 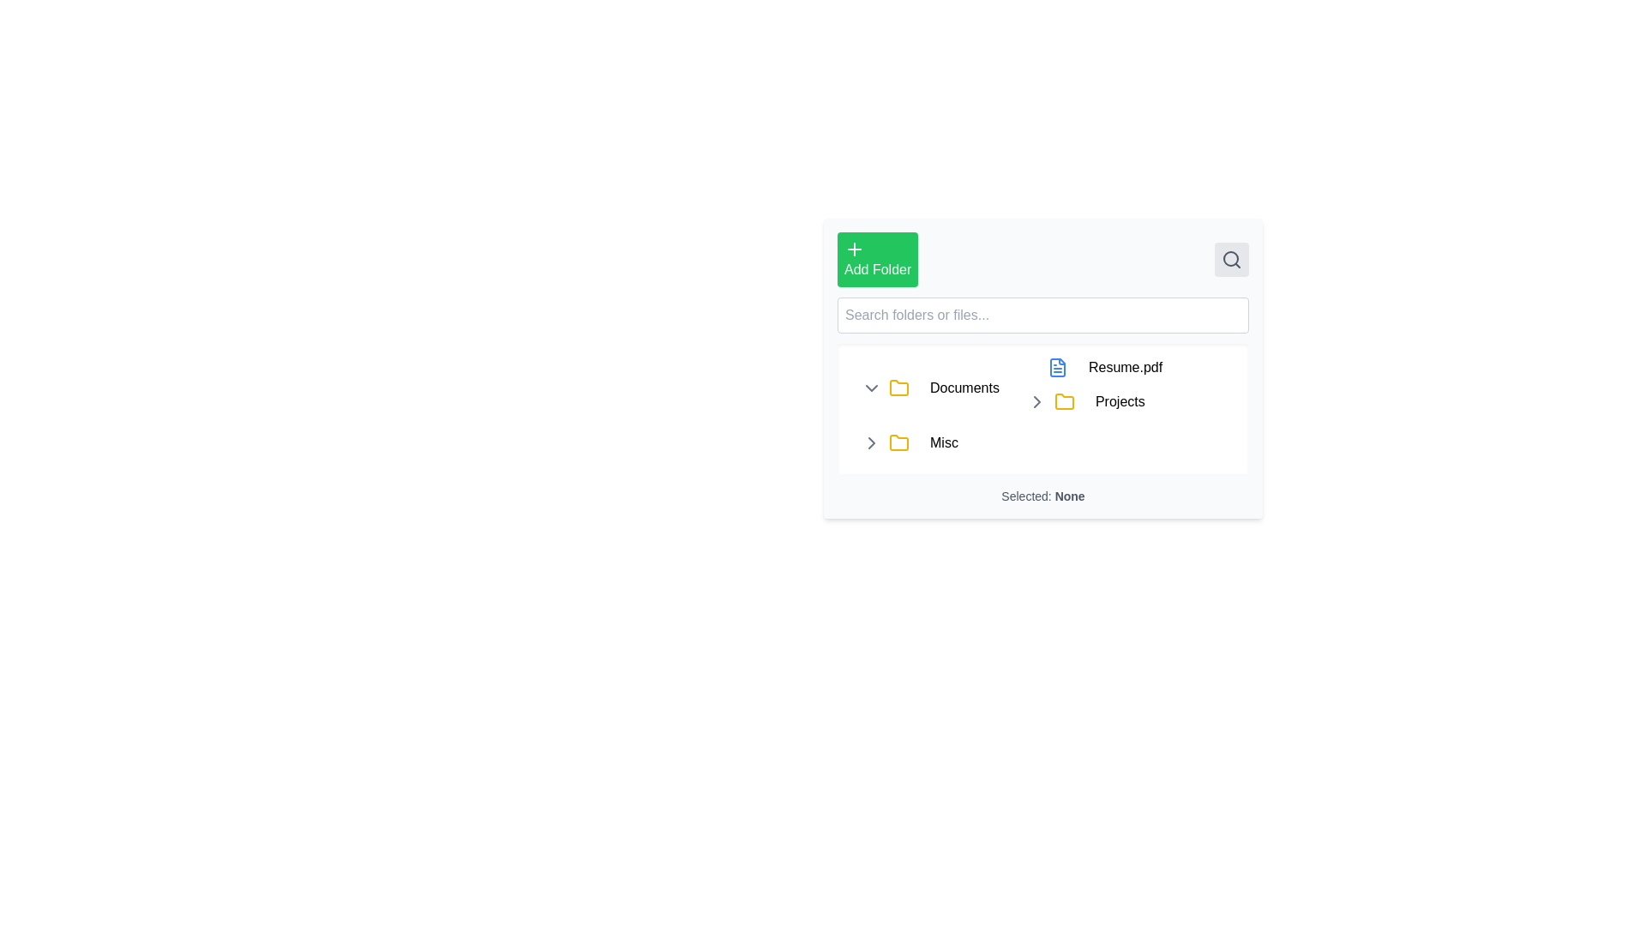 I want to click on the static text element displaying the currently selected item's name, which shows 'None' and is located after the text 'Selected:' in the file selection interface, so click(x=1069, y=496).